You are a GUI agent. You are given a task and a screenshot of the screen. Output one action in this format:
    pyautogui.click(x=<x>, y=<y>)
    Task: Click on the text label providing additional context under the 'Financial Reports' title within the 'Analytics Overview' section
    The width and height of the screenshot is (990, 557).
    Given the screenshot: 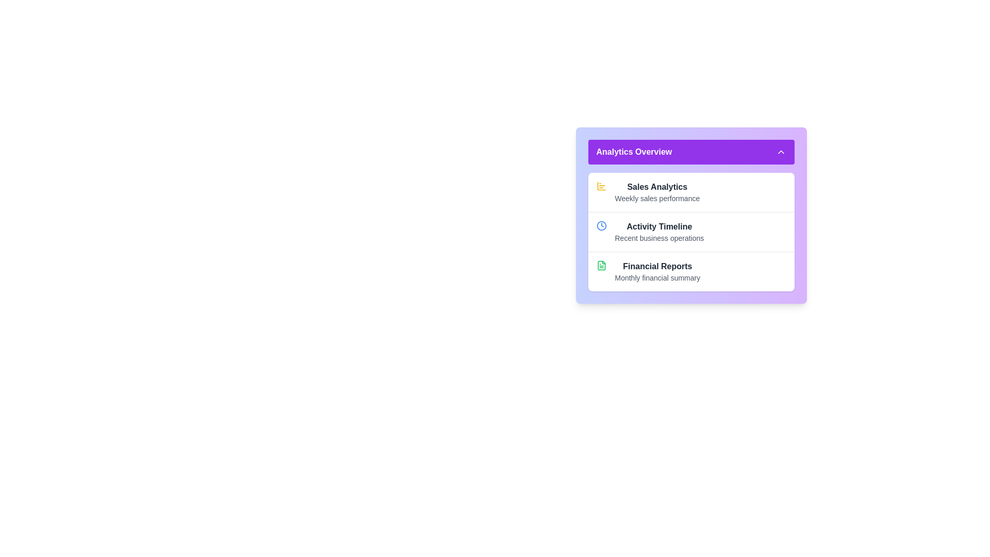 What is the action you would take?
    pyautogui.click(x=657, y=277)
    